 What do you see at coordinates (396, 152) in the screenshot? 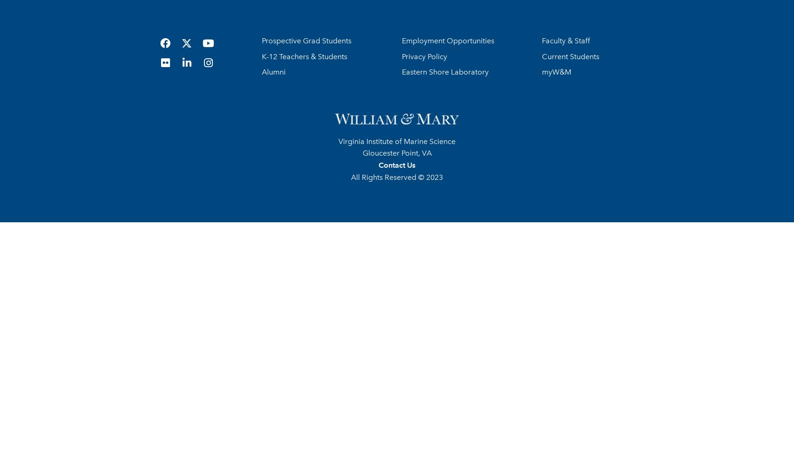
I see `'Gloucester Point, VA'` at bounding box center [396, 152].